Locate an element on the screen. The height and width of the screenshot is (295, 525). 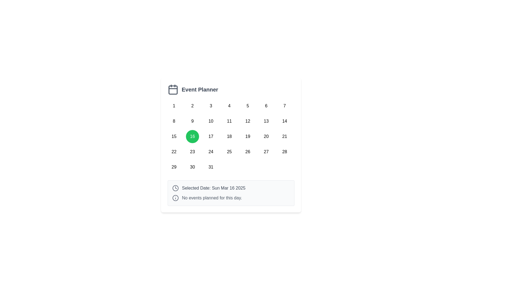
the decorative icon next to the text 'Selected Date: Sun Mar 16 2025' which is located at the leftmost side of the row is located at coordinates (175, 188).